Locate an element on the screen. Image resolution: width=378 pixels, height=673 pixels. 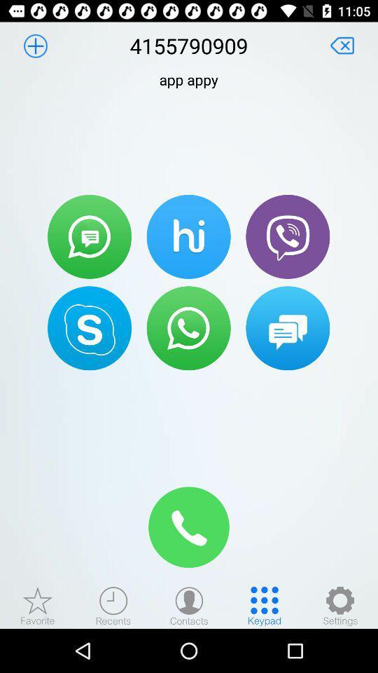
the back icon below time is located at coordinates (342, 46).